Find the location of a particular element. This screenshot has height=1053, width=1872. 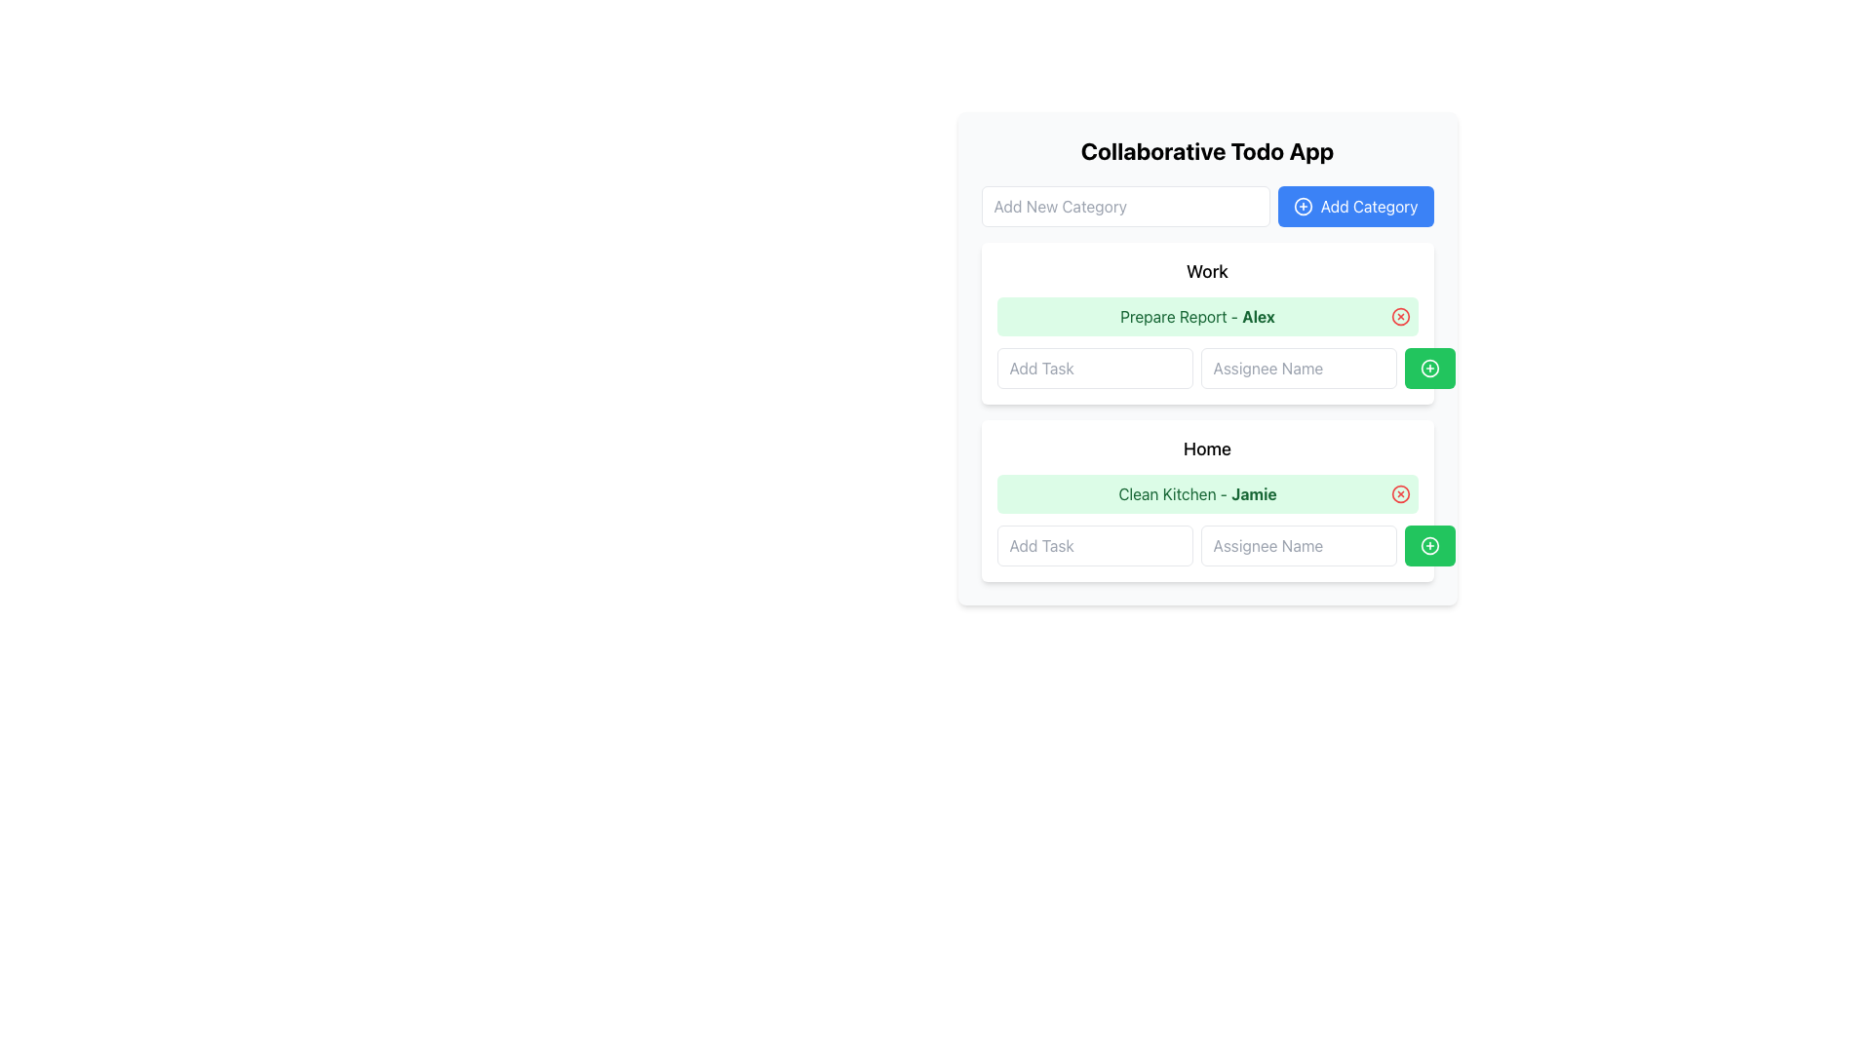

the Text Display that shows 'Clean Kitchen - Jamie' with a bold font style and a green background, located under the 'Home' section above 'Add Task' and 'Assignee Name' inputs is located at coordinates (1196, 492).